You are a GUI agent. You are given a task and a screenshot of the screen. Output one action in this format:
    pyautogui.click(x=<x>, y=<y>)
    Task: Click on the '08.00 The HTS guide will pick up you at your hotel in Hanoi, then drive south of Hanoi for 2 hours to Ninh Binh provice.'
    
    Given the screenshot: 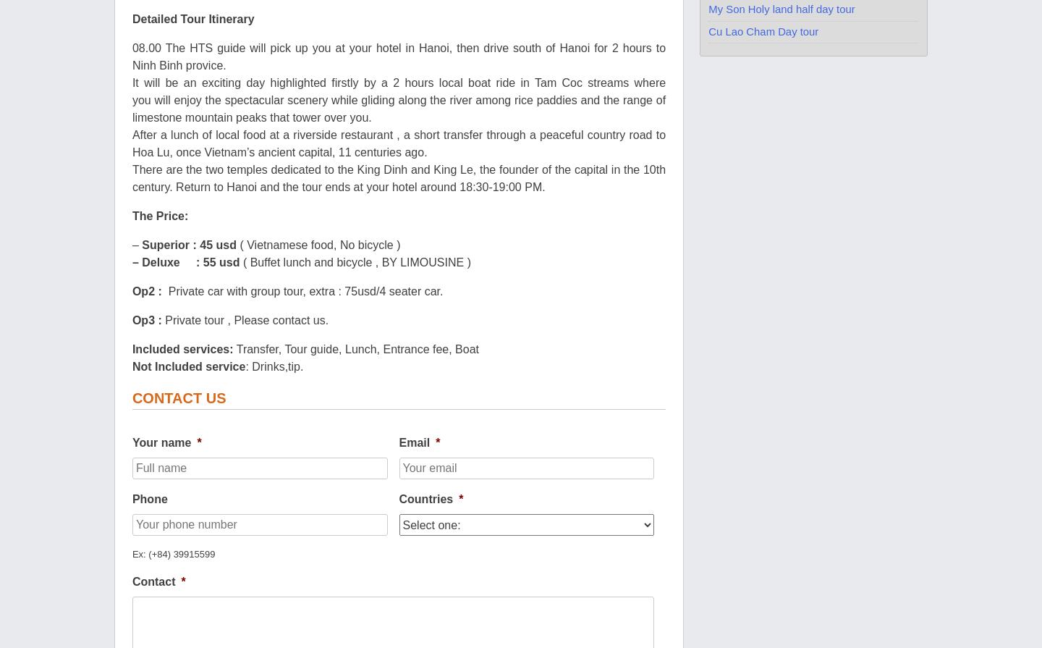 What is the action you would take?
    pyautogui.click(x=398, y=56)
    